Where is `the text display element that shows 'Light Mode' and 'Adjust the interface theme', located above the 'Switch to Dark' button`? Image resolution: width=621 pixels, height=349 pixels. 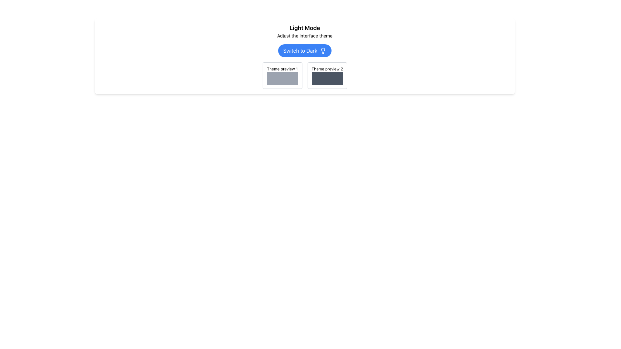
the text display element that shows 'Light Mode' and 'Adjust the interface theme', located above the 'Switch to Dark' button is located at coordinates (304, 31).